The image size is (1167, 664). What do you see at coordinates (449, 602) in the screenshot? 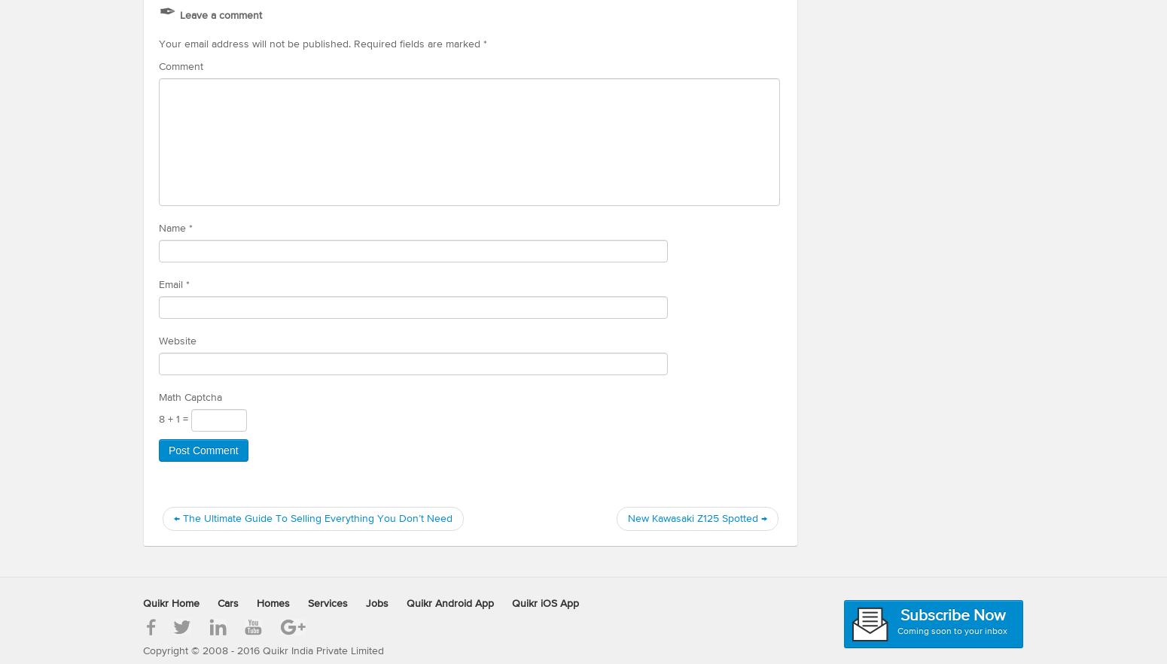
I see `'Quikr Android App'` at bounding box center [449, 602].